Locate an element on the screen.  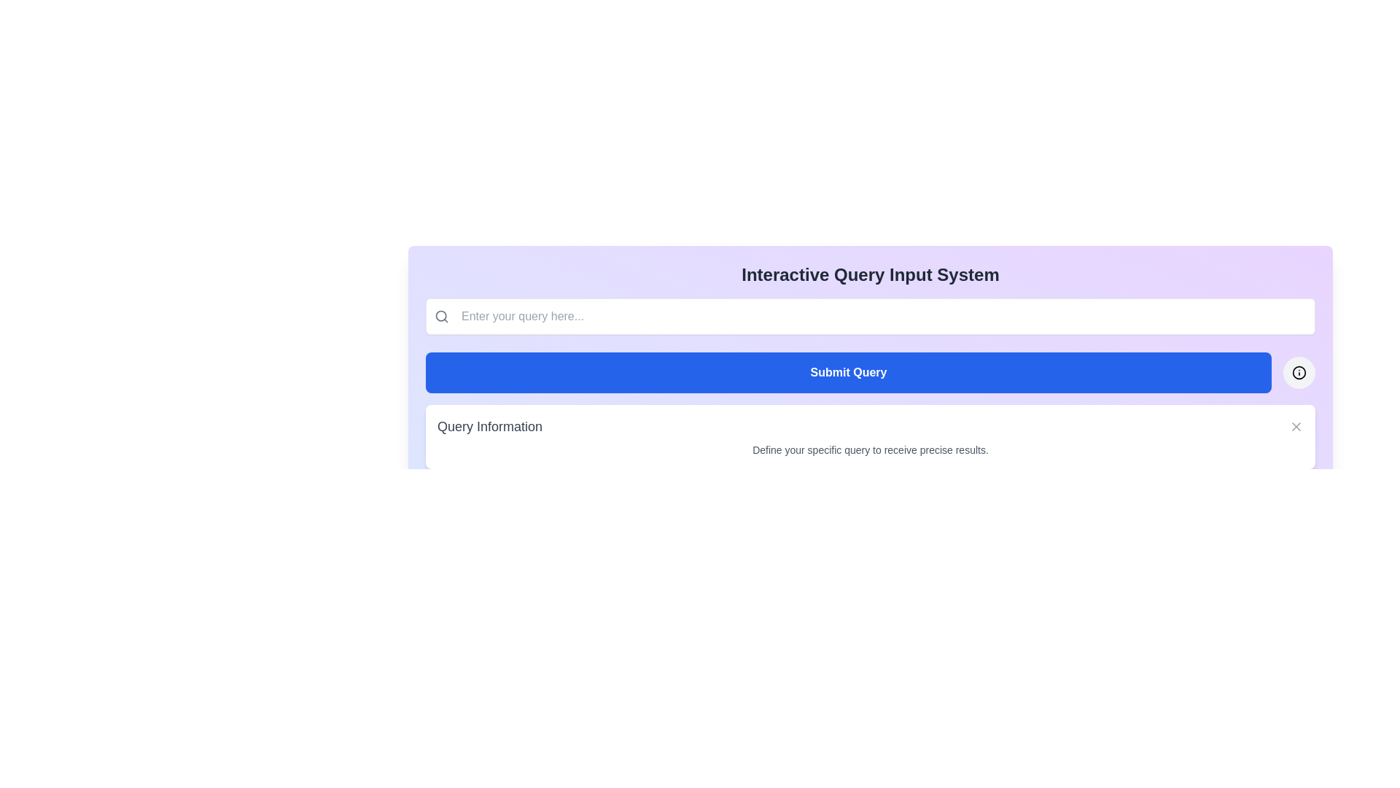
the outermost circular graphical element of the information icon structure located at the top-right corner of the interface is located at coordinates (1299, 371).